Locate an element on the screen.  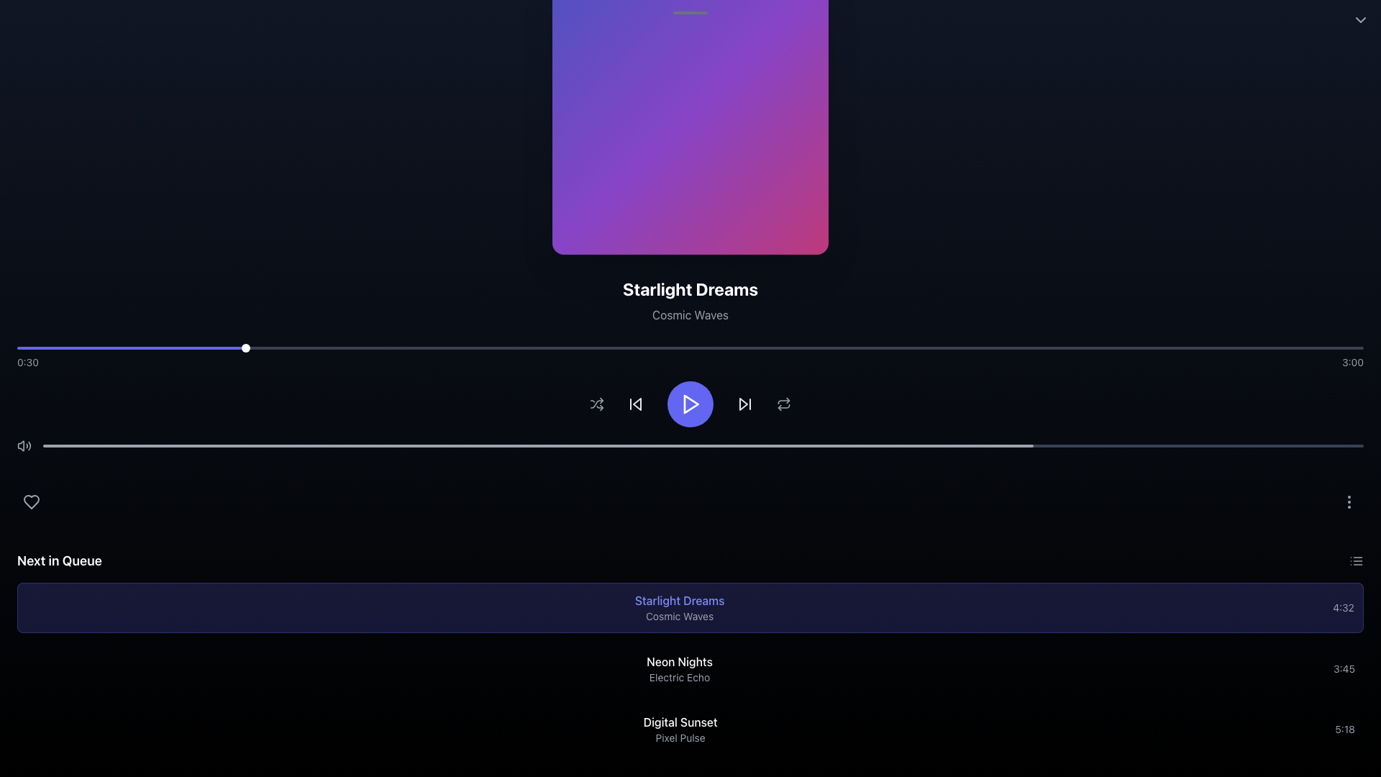
progress is located at coordinates (17, 347).